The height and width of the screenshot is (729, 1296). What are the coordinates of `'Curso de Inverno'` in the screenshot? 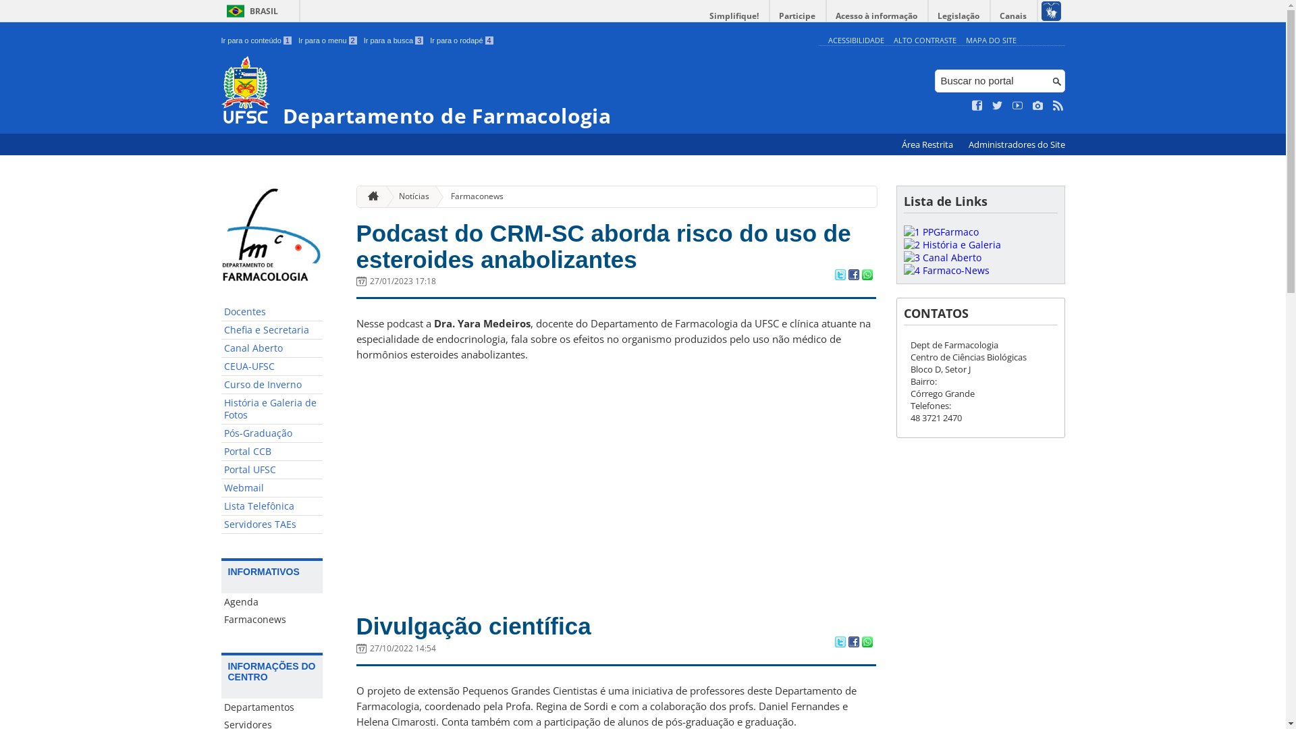 It's located at (271, 385).